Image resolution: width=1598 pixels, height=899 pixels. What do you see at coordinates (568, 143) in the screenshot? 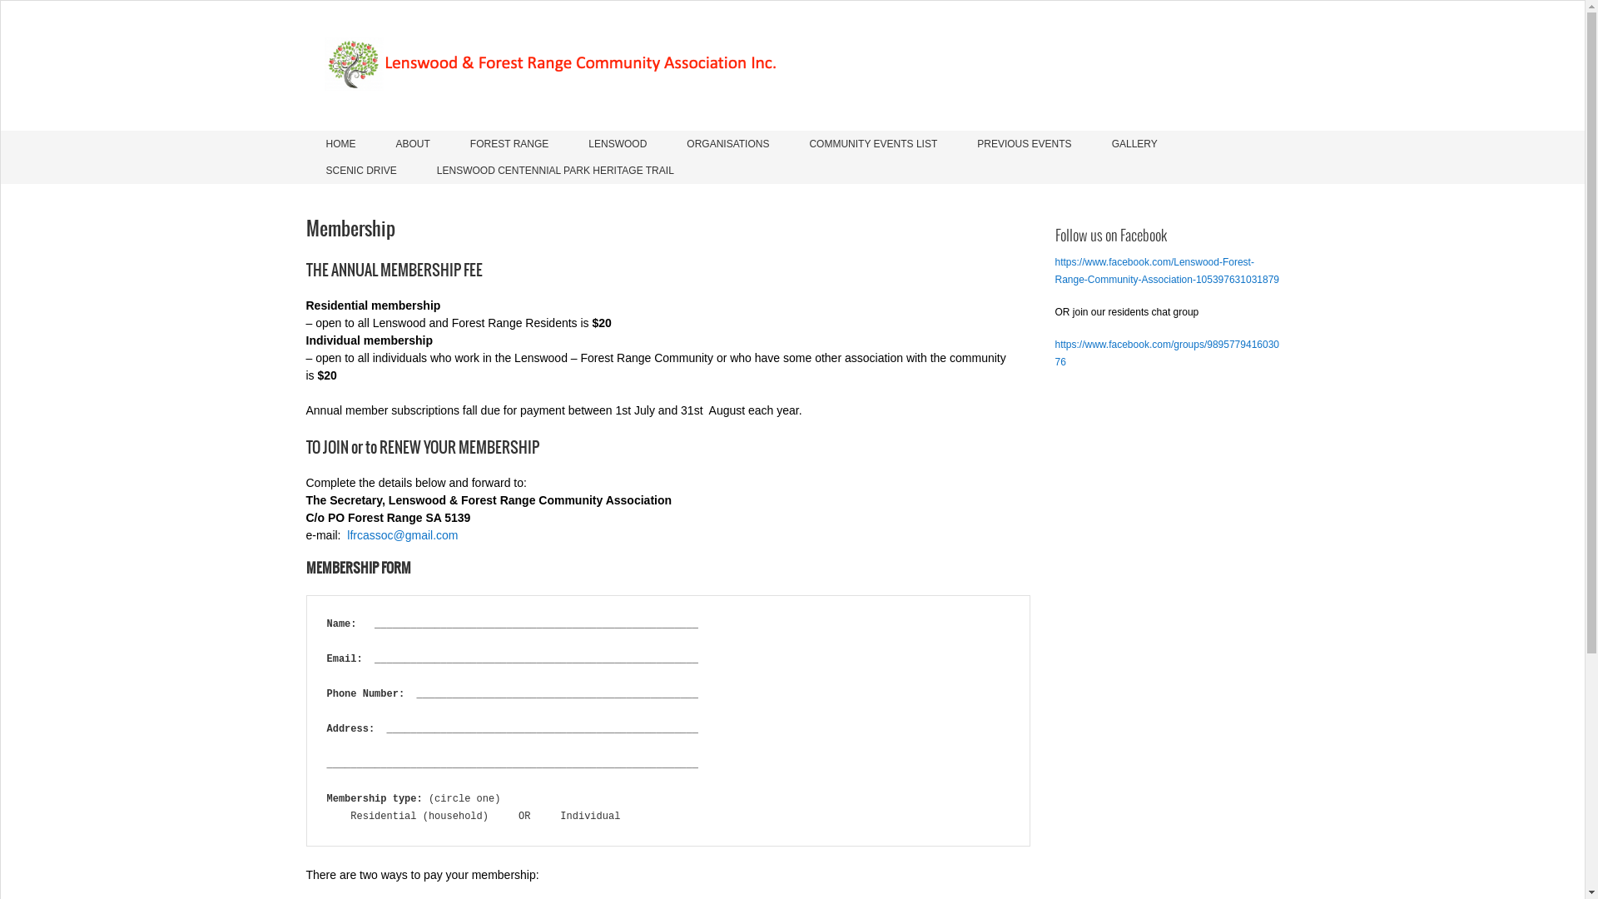
I see `'LENSWOOD'` at bounding box center [568, 143].